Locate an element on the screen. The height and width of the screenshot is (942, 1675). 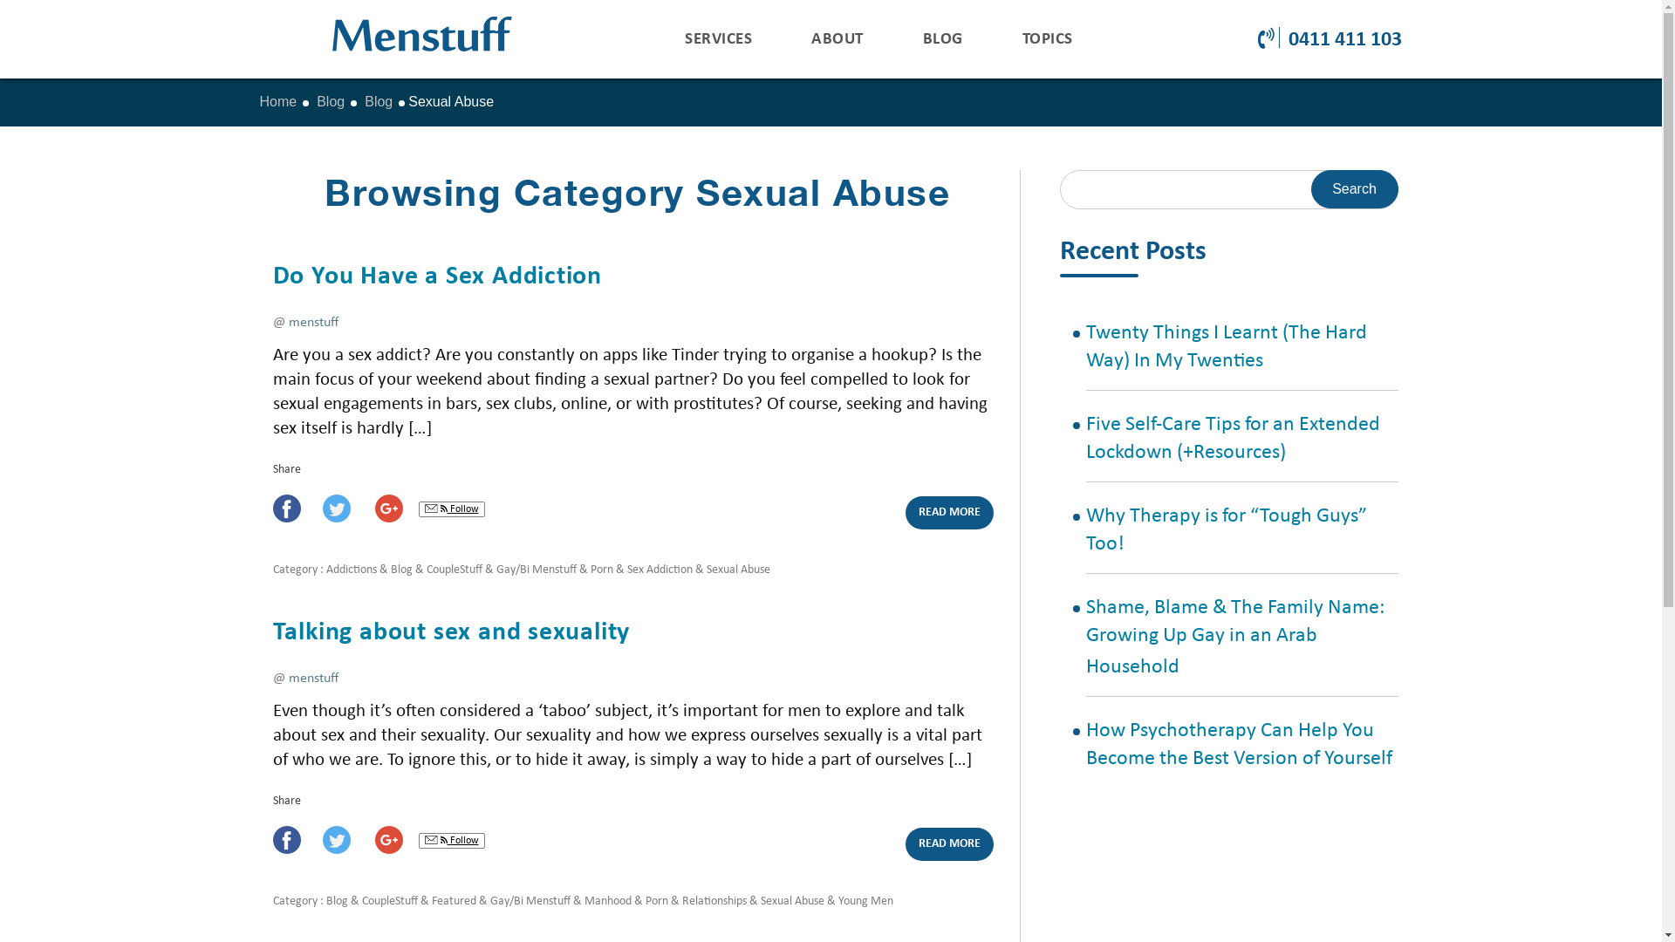
'Do You Have a Sex Addiction' is located at coordinates (436, 276).